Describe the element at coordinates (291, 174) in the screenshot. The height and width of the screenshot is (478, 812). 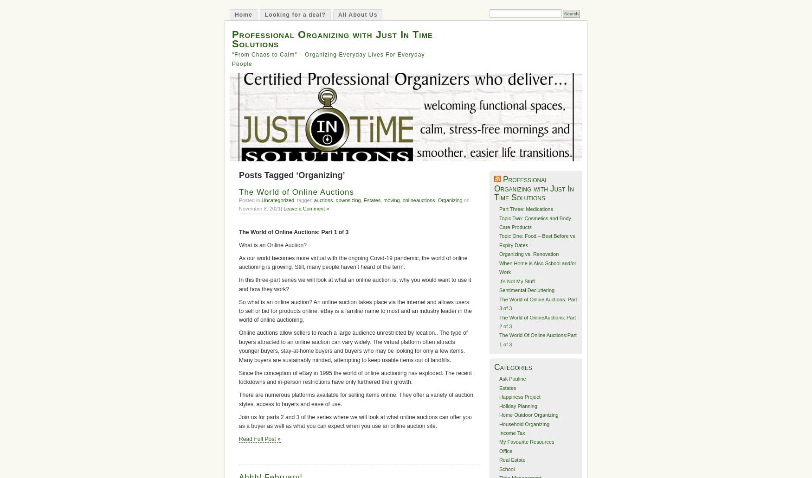
I see `'Posts Tagged ‘Organizing’'` at that location.